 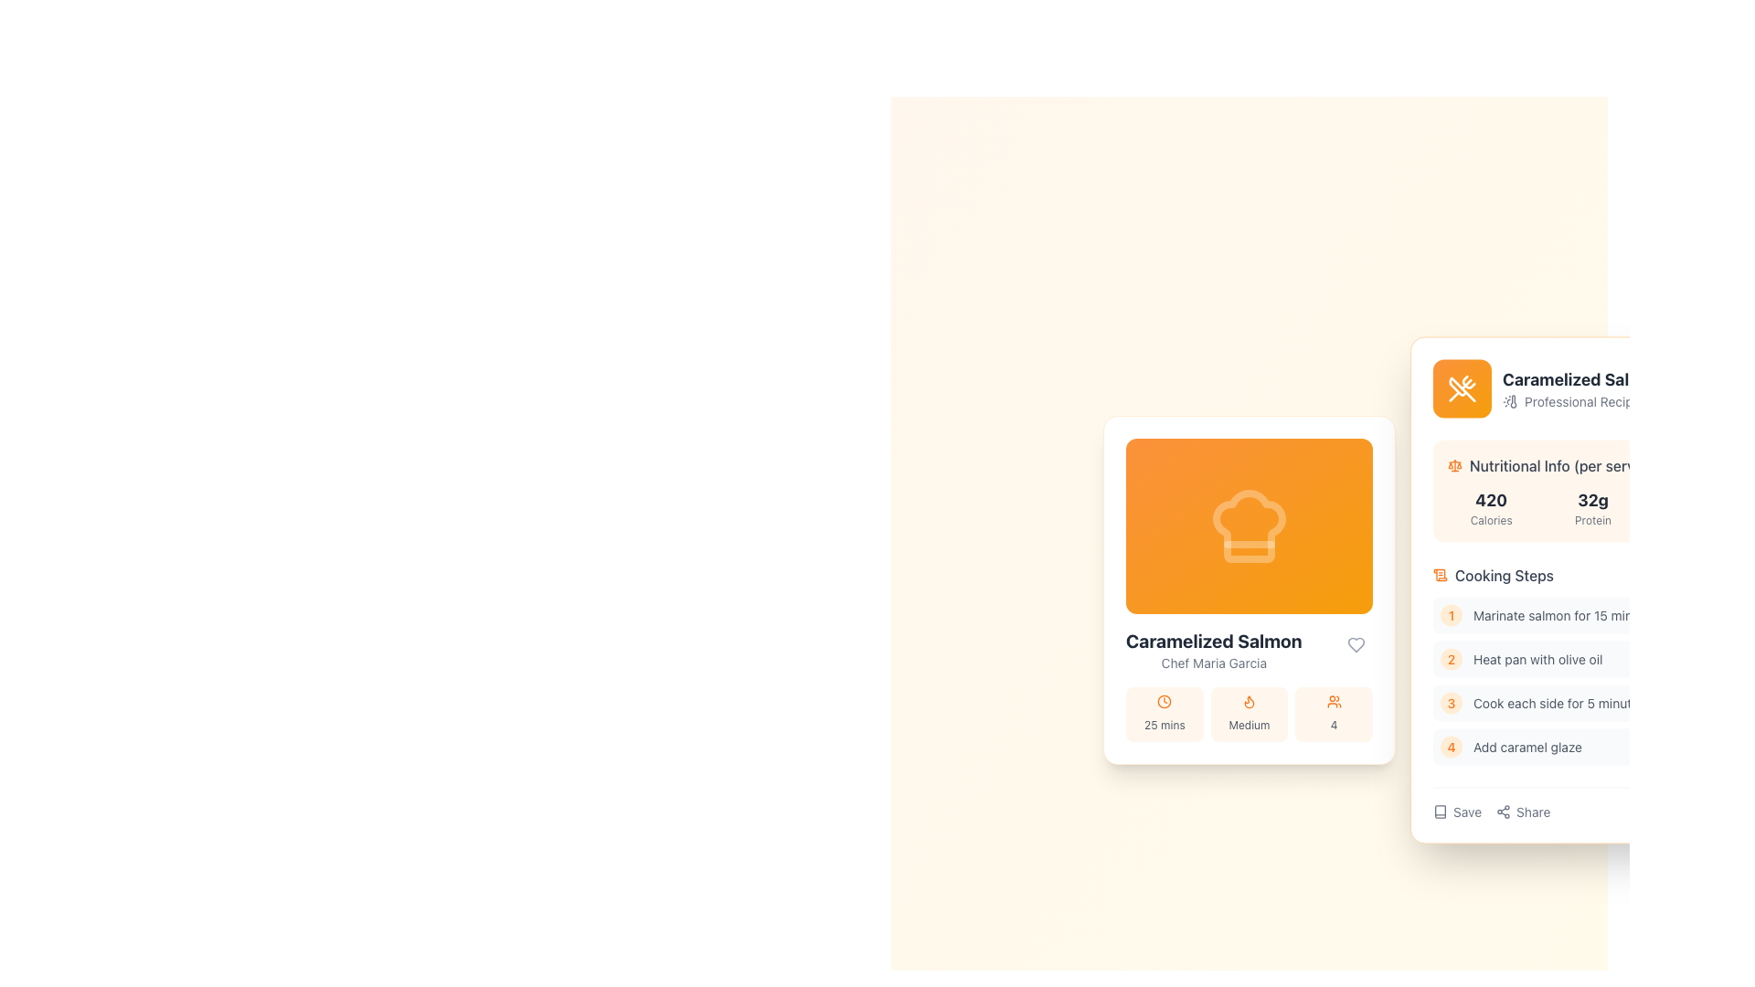 I want to click on the 'Share' button, which features a small gray text label and an icon representing a sharing action, located at the bottom of the panel to the right of the 'Save' button, so click(x=1523, y=811).